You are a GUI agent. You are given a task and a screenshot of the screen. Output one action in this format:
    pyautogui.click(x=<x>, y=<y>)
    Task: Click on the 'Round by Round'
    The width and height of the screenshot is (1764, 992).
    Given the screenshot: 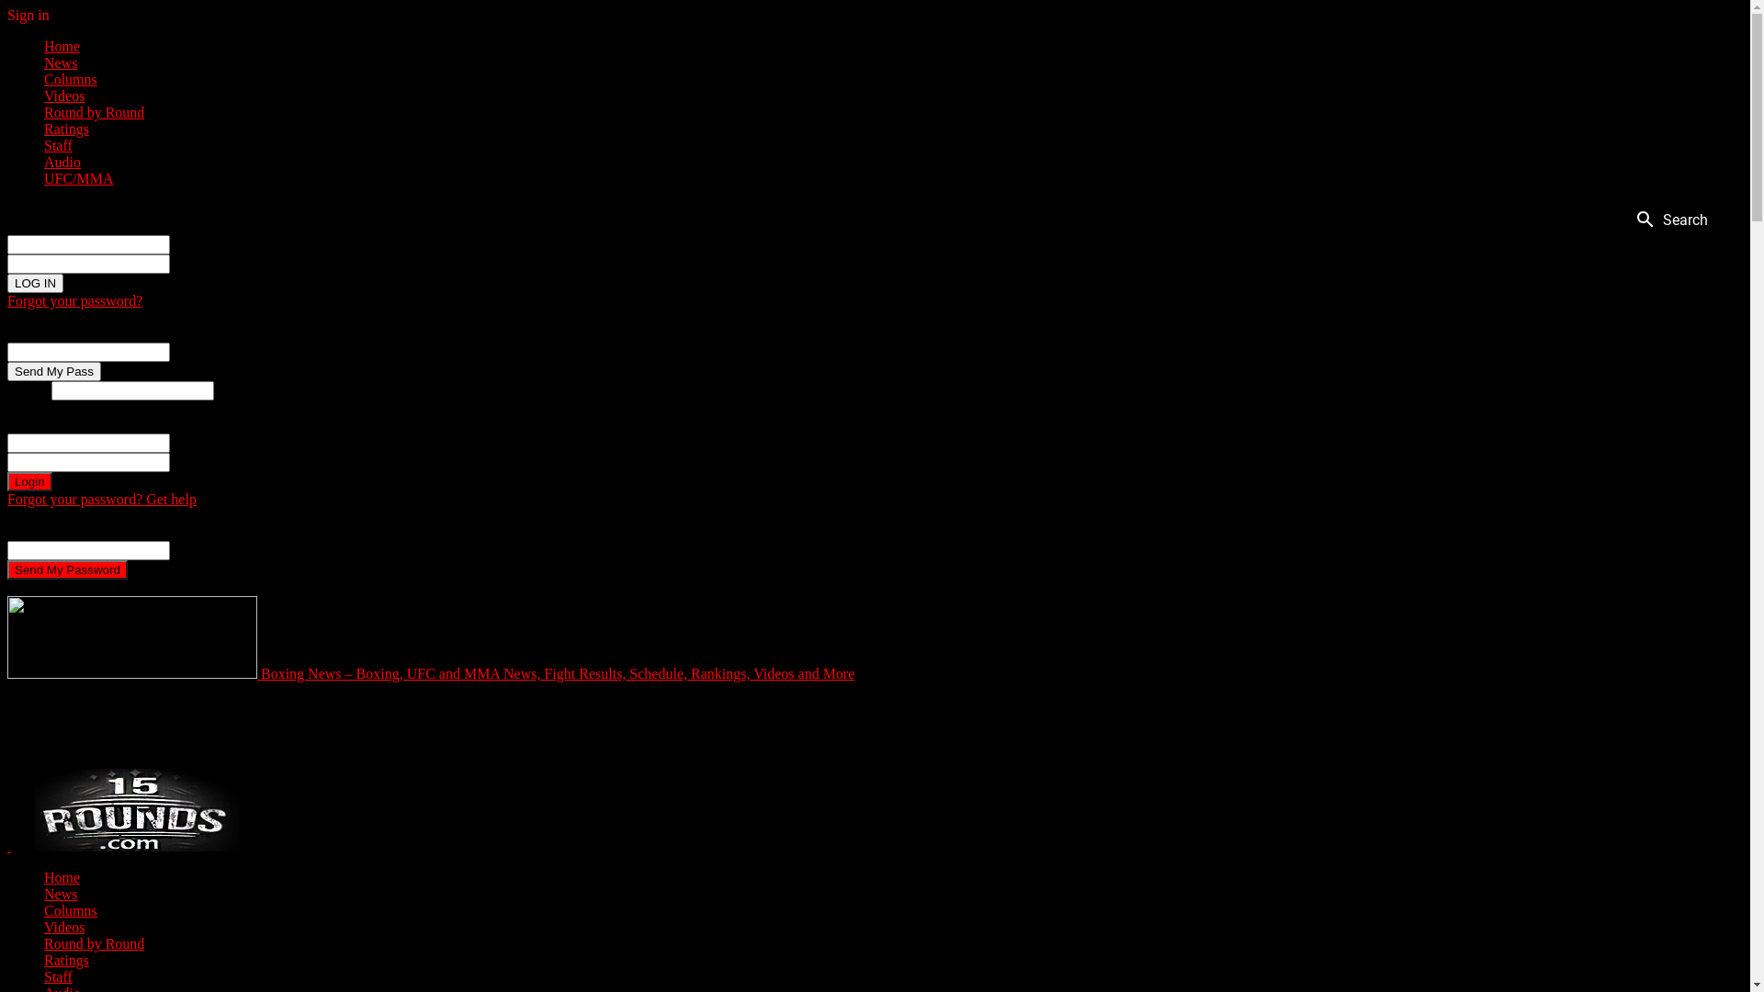 What is the action you would take?
    pyautogui.click(x=93, y=943)
    